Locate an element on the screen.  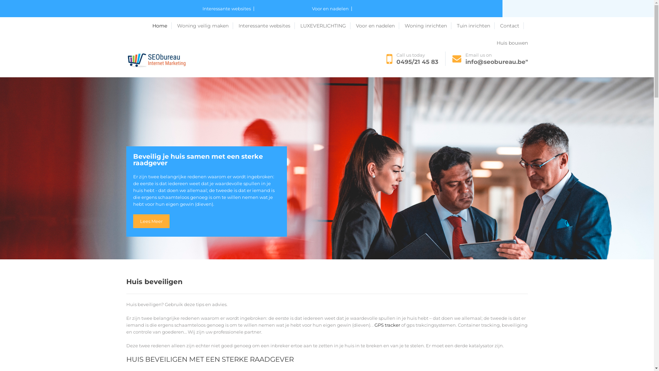
'Tuin inrichten' is located at coordinates (456, 25).